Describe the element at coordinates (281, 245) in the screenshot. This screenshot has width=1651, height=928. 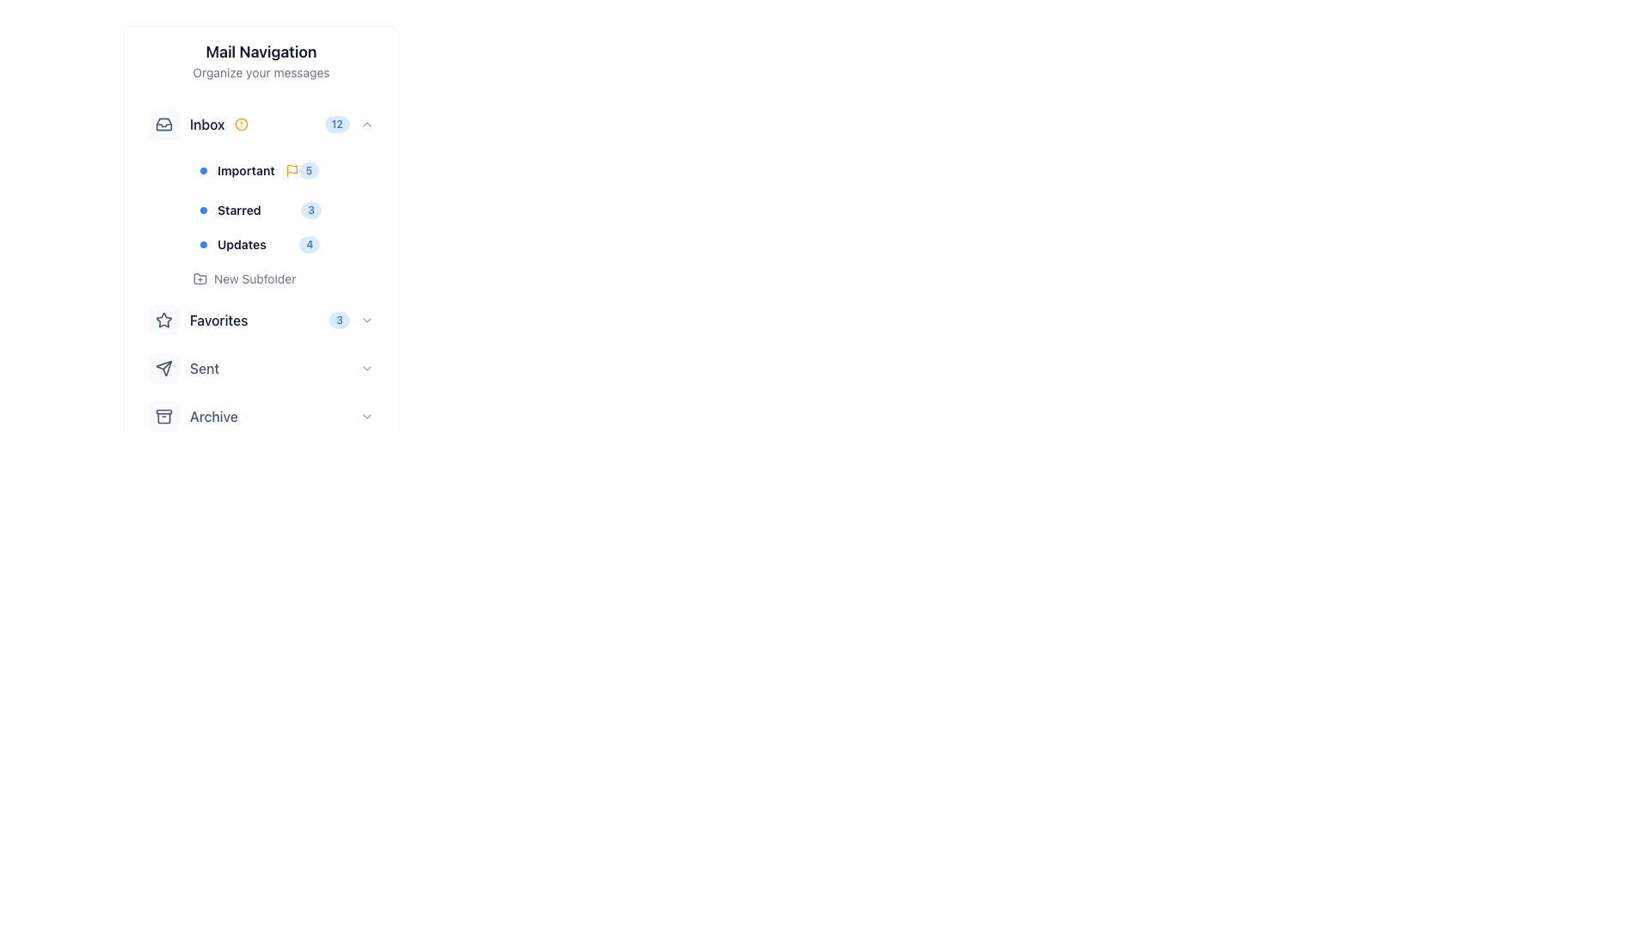
I see `the 'Updates' list item in the sidebar, which is the third row under the 'Inbox' section and contains a blue circular badge with the number '4'` at that location.